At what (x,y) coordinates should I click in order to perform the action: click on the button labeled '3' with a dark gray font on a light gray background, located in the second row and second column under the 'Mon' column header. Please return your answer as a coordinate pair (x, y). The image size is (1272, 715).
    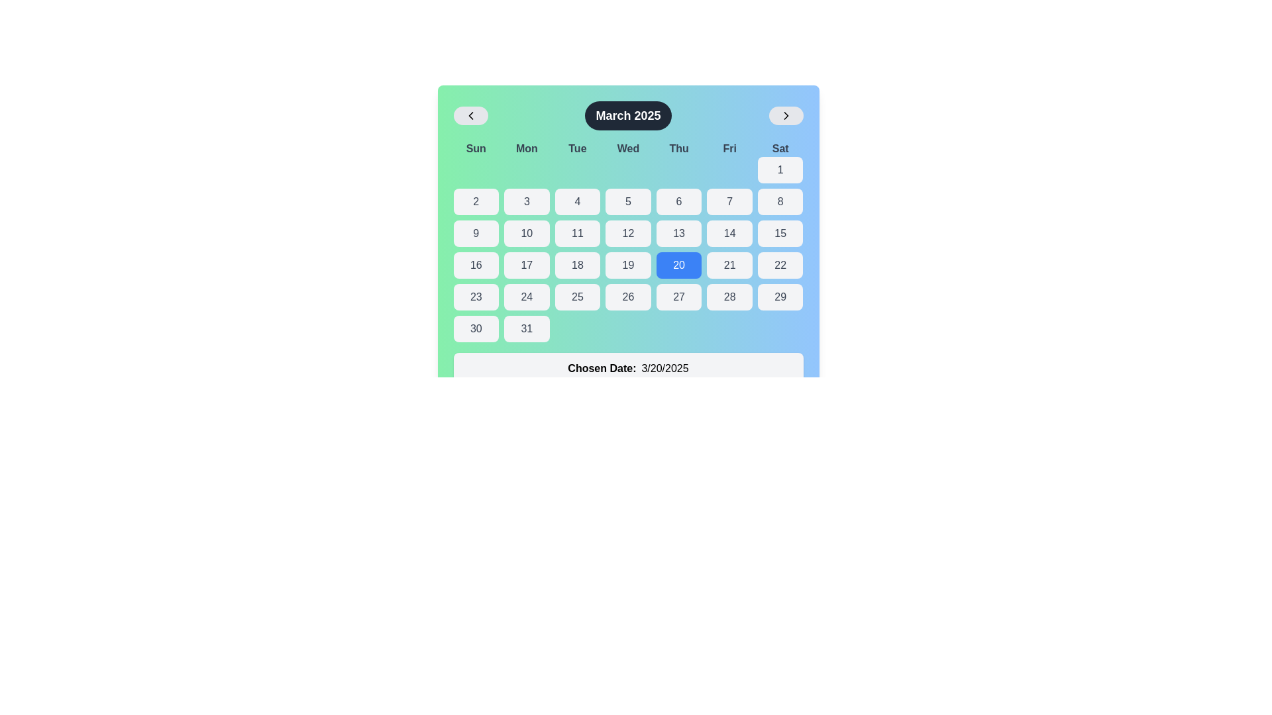
    Looking at the image, I should click on (526, 201).